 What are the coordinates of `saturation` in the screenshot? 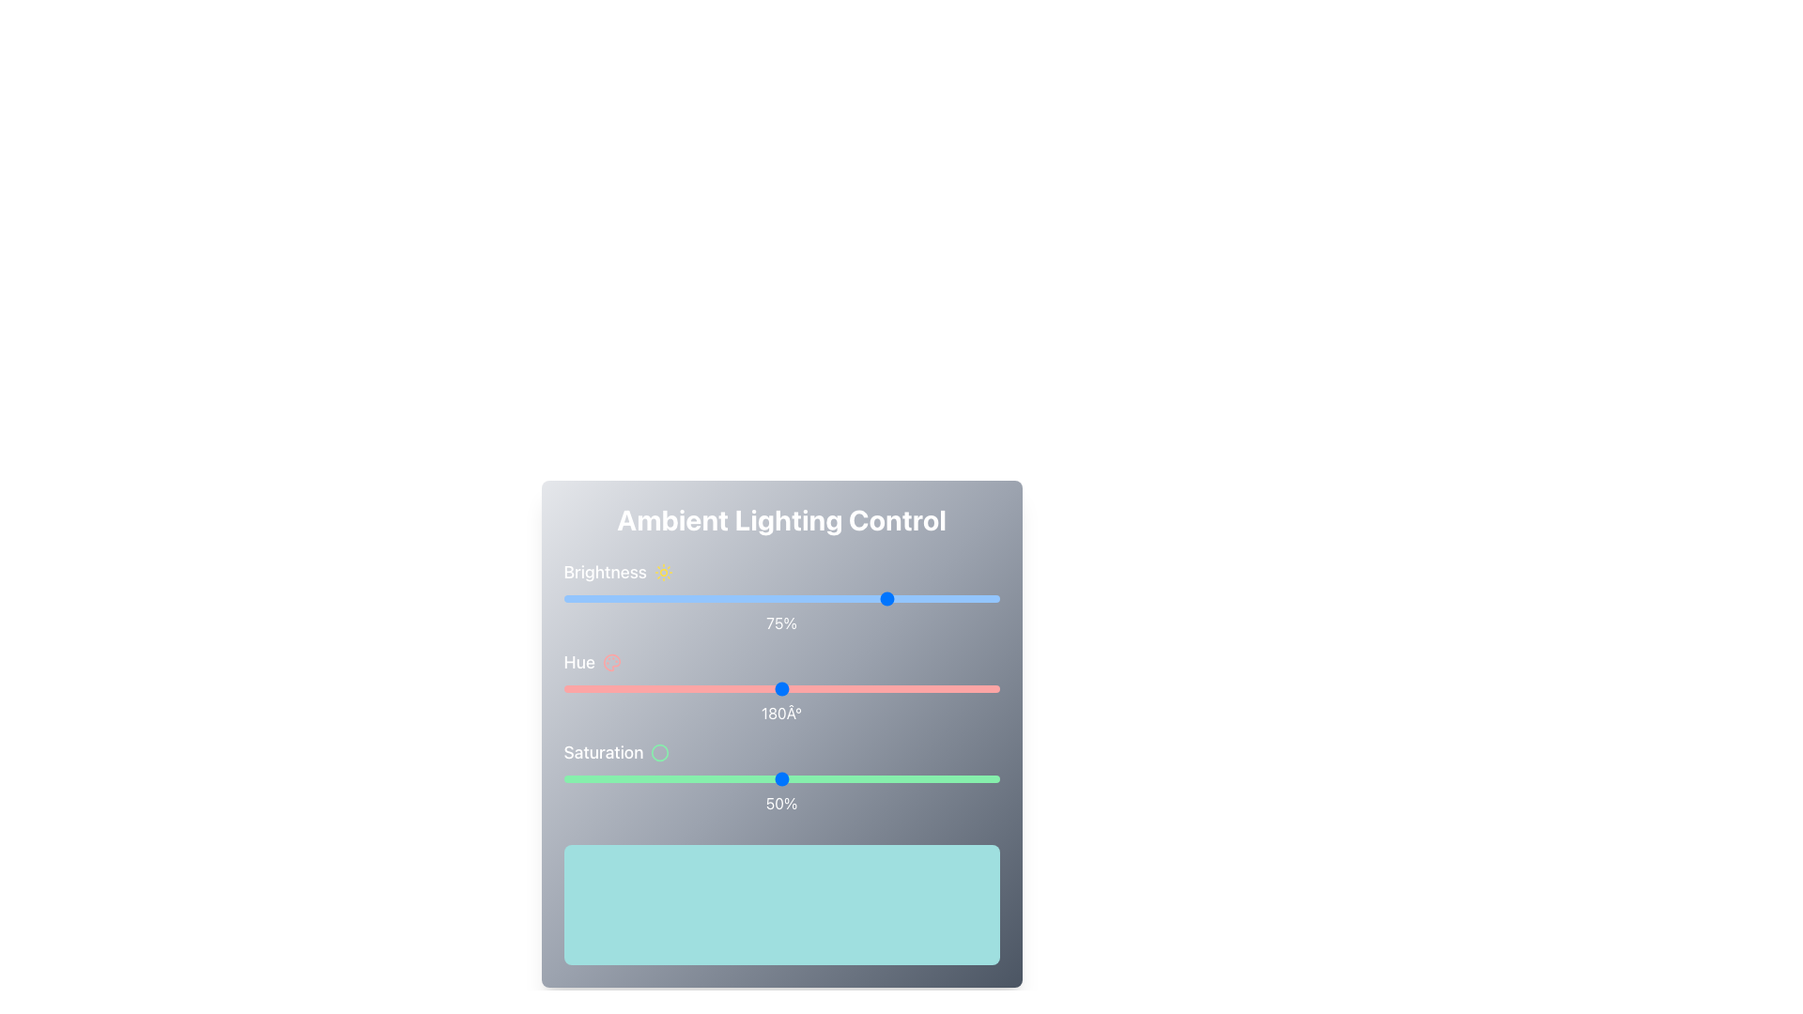 It's located at (646, 778).